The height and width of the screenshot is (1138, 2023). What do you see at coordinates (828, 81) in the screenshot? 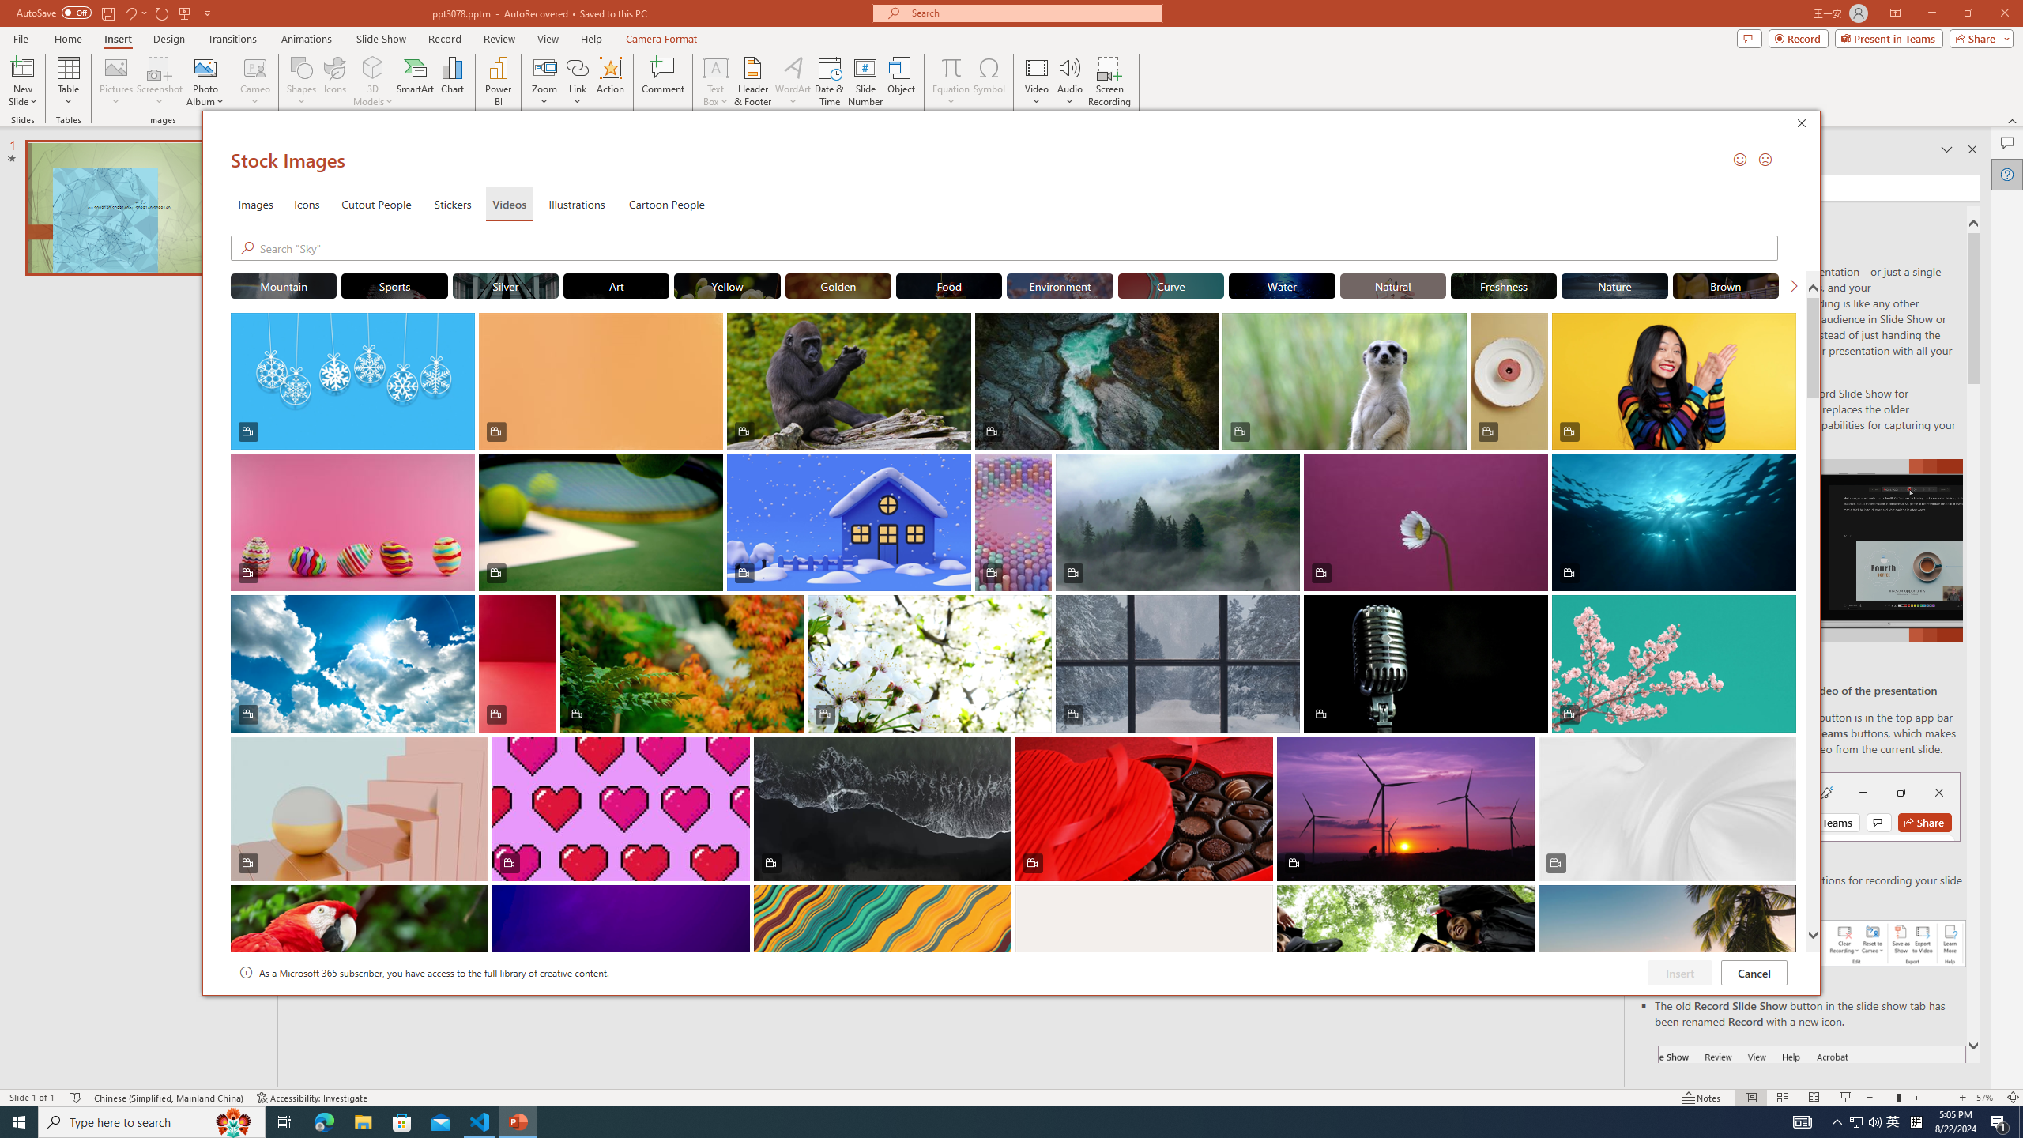
I see `'Date & Time...'` at bounding box center [828, 81].